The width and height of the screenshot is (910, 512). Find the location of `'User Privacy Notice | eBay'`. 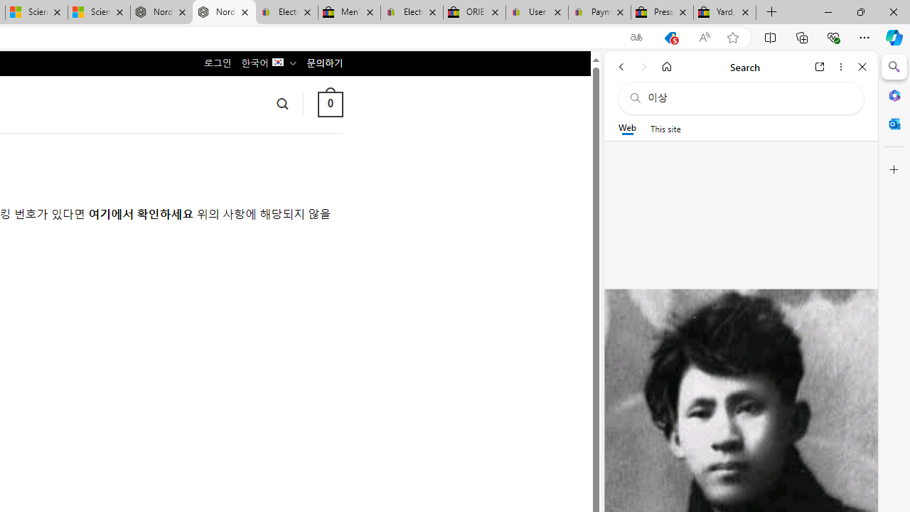

'User Privacy Notice | eBay' is located at coordinates (536, 12).